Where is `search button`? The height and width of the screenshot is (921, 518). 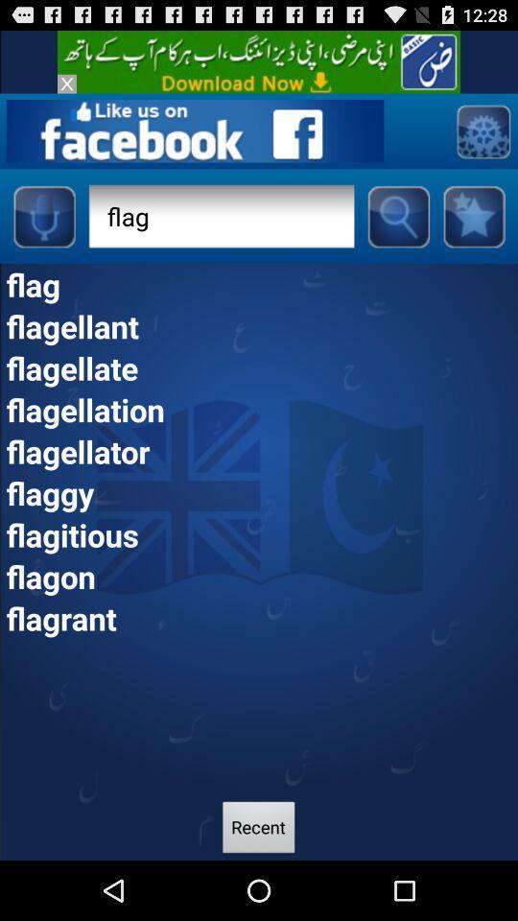 search button is located at coordinates (397, 216).